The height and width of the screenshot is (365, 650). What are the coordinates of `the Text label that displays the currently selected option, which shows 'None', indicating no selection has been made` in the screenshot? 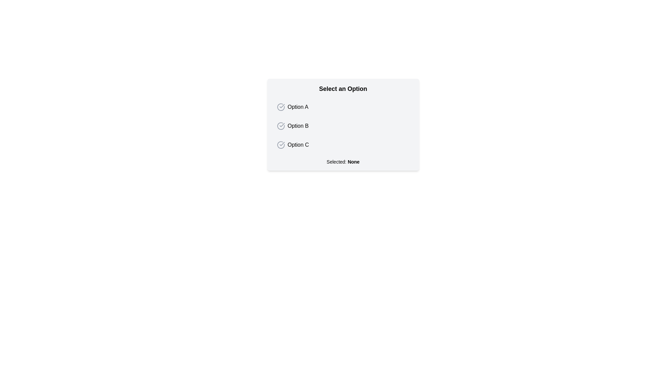 It's located at (343, 162).